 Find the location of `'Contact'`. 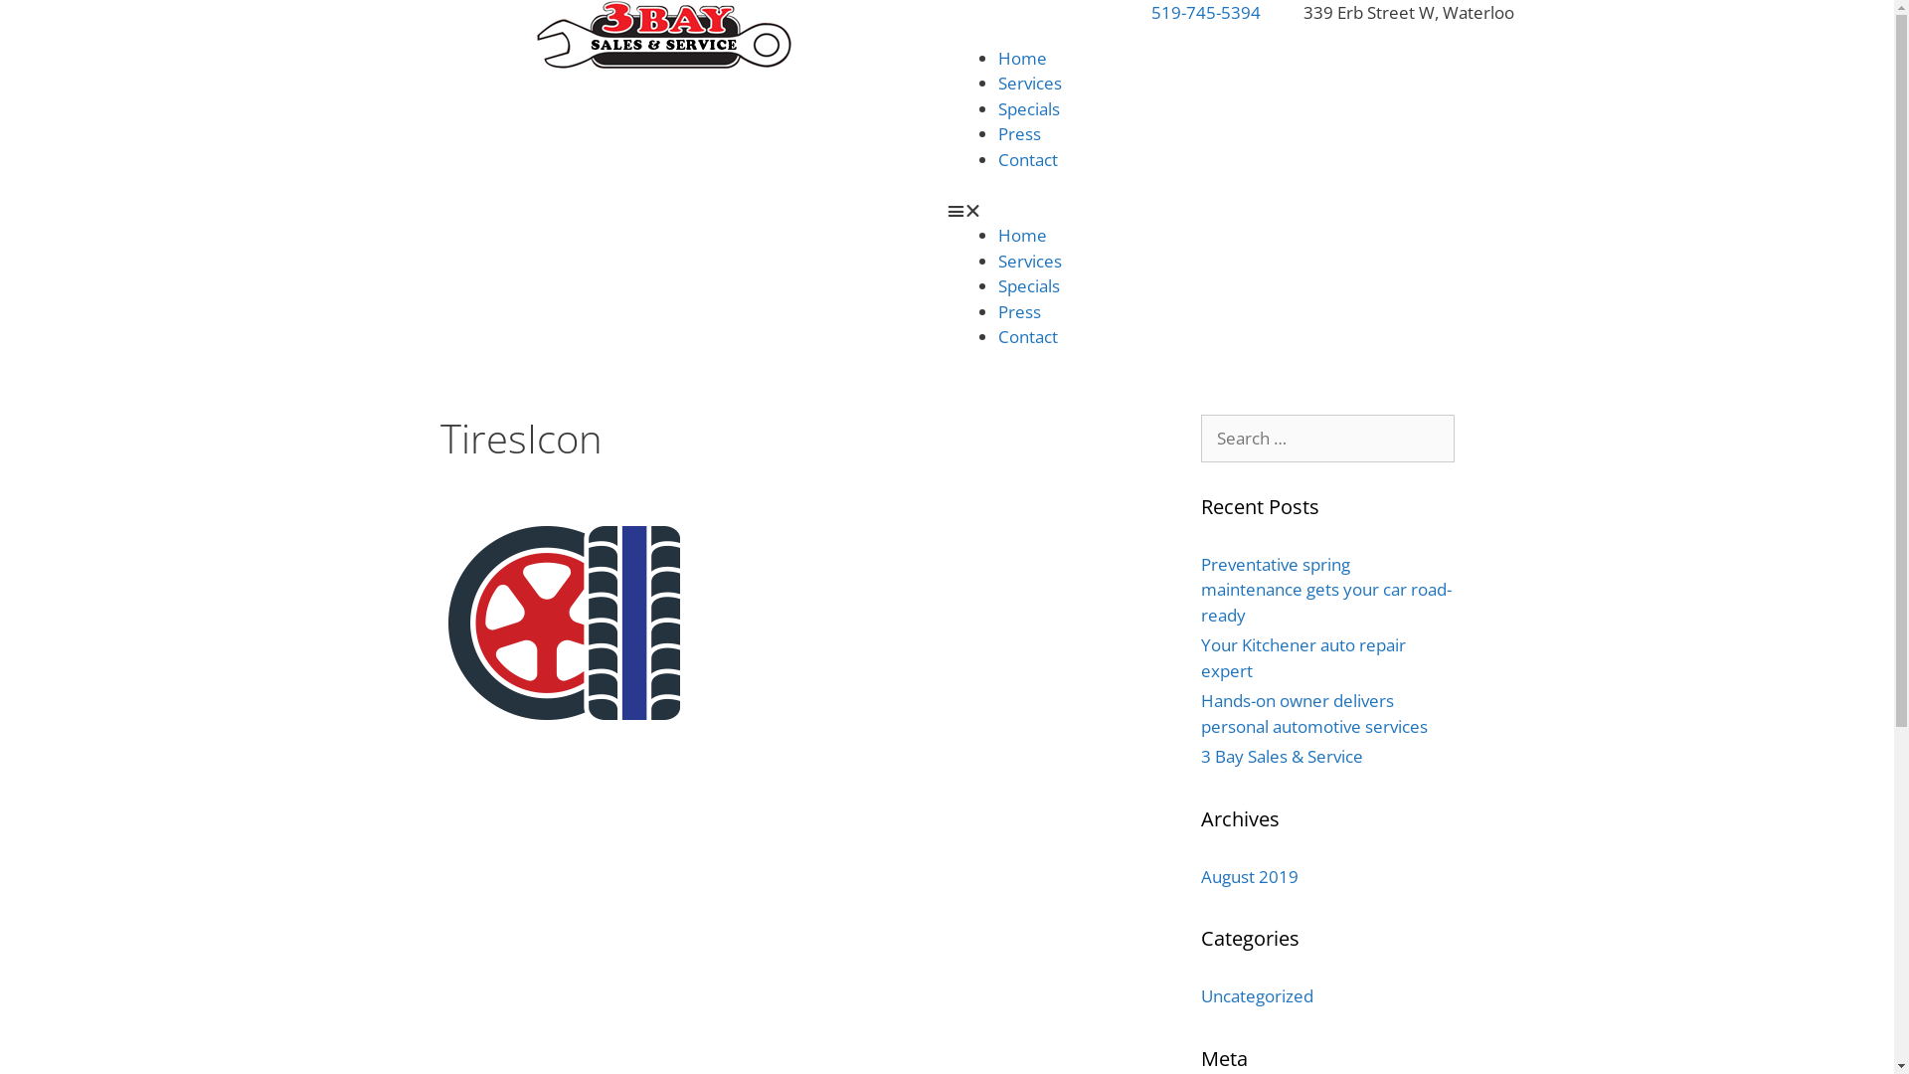

'Contact' is located at coordinates (1027, 157).